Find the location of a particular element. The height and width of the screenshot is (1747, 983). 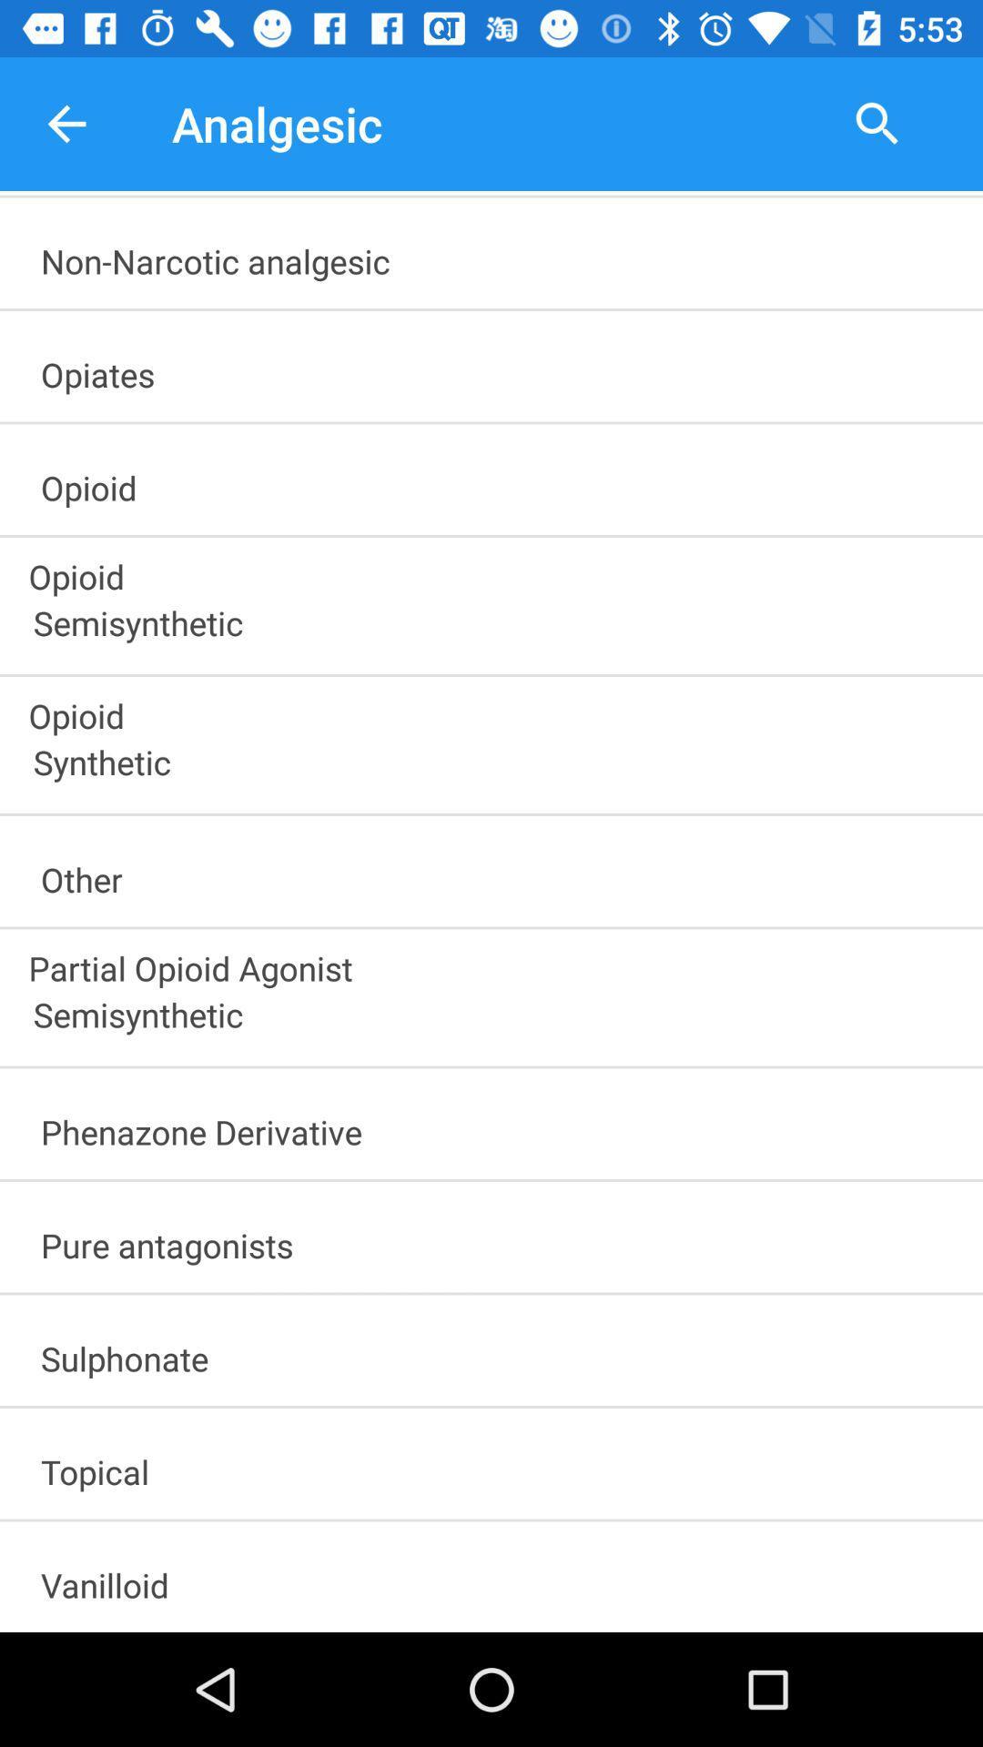

non-narcotic analgesic item is located at coordinates (500, 254).